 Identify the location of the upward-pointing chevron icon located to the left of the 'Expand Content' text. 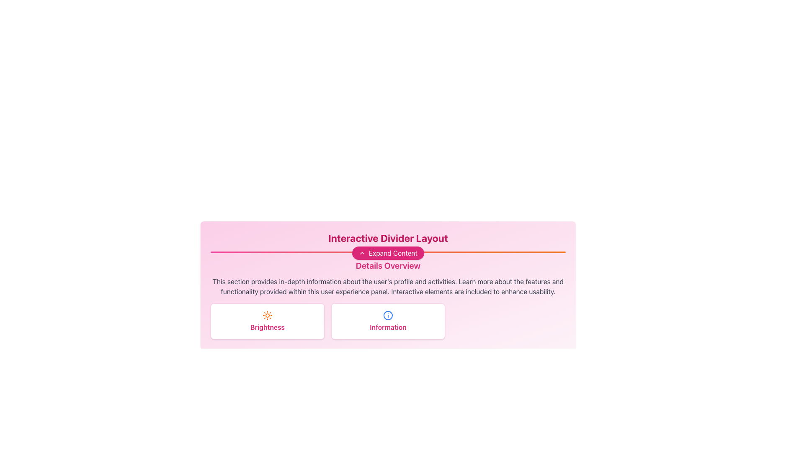
(362, 253).